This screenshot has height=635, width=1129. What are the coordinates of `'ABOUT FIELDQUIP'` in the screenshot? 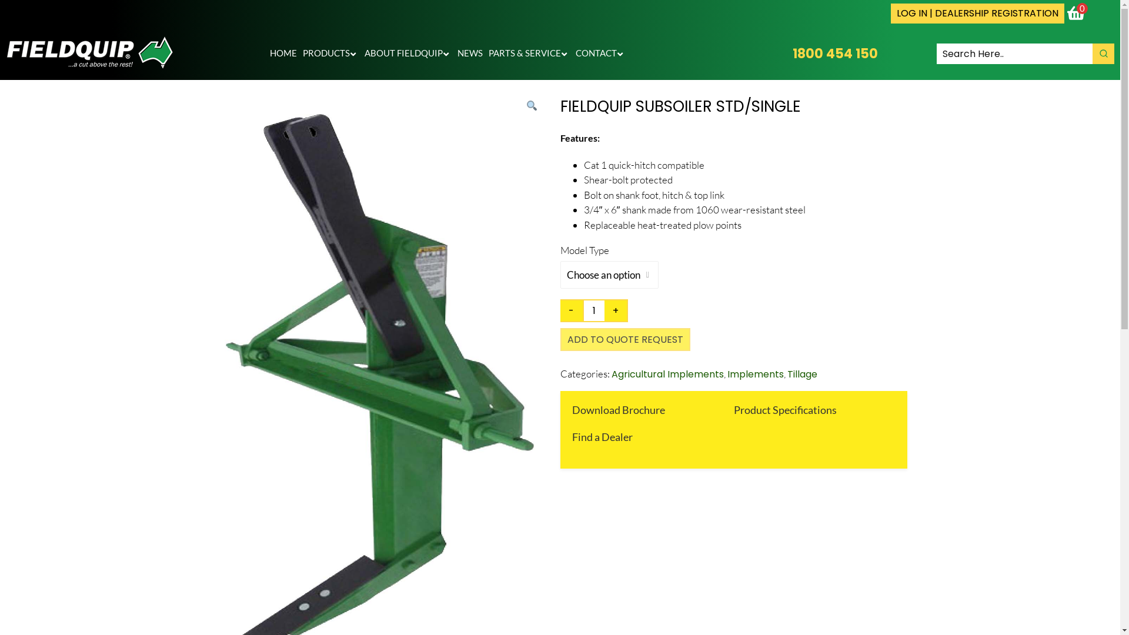 It's located at (408, 54).